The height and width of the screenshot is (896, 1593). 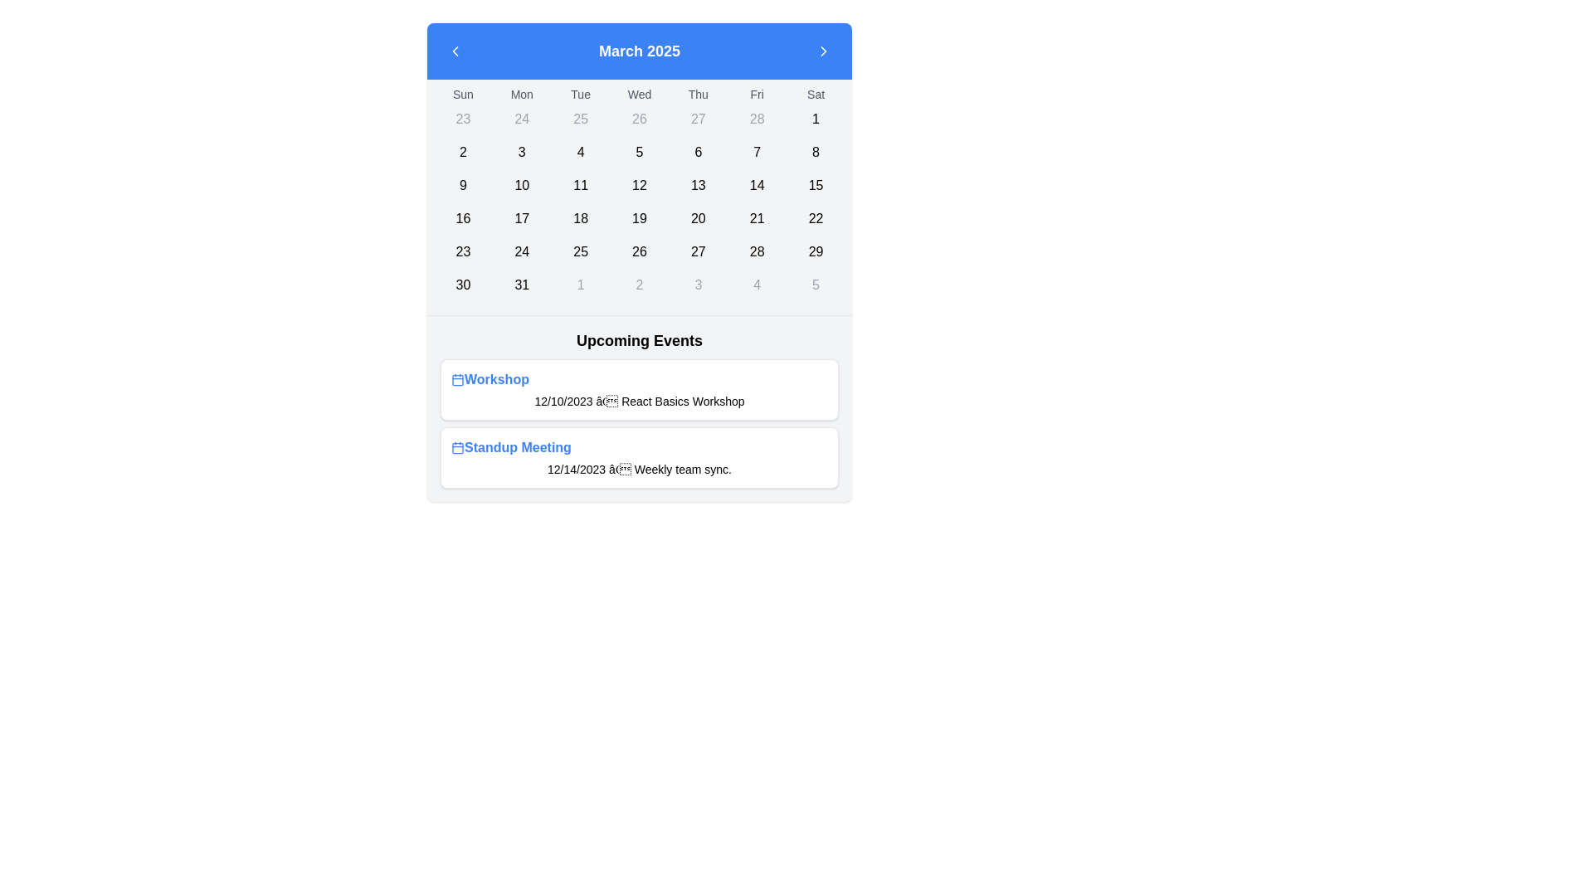 What do you see at coordinates (581, 217) in the screenshot?
I see `the calendar date cell displaying the number '18'` at bounding box center [581, 217].